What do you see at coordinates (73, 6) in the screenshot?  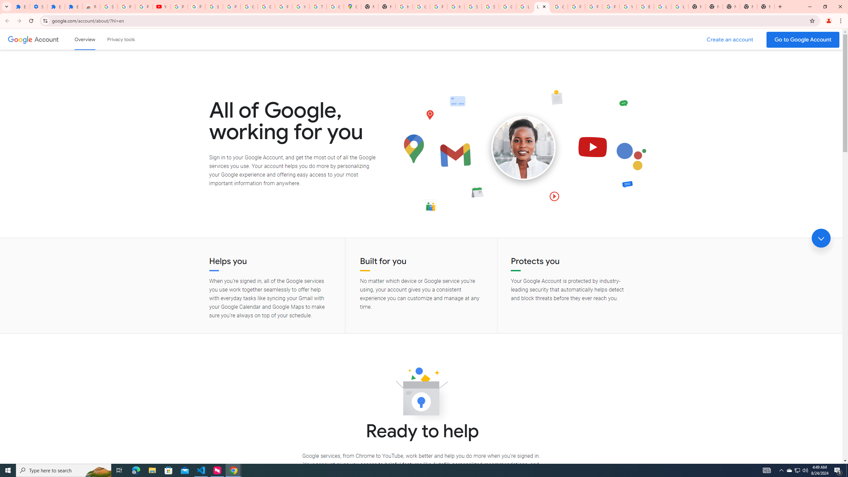 I see `'Extensions'` at bounding box center [73, 6].